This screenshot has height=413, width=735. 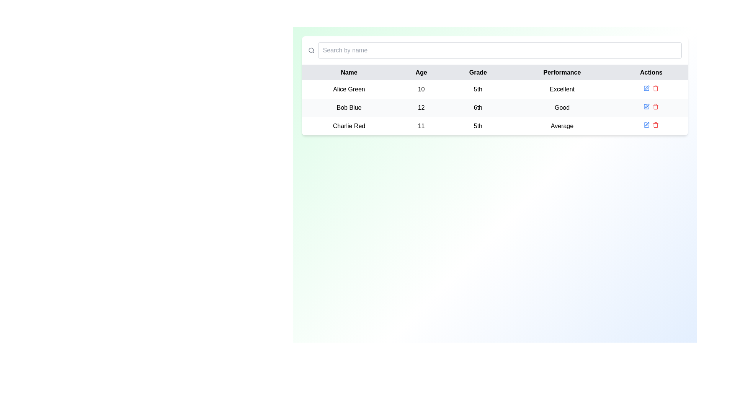 What do you see at coordinates (477, 89) in the screenshot?
I see `the text label indicating the grade level for the student 'Alice Green', located in the third column of the first row in the table under the header 'Grade'` at bounding box center [477, 89].